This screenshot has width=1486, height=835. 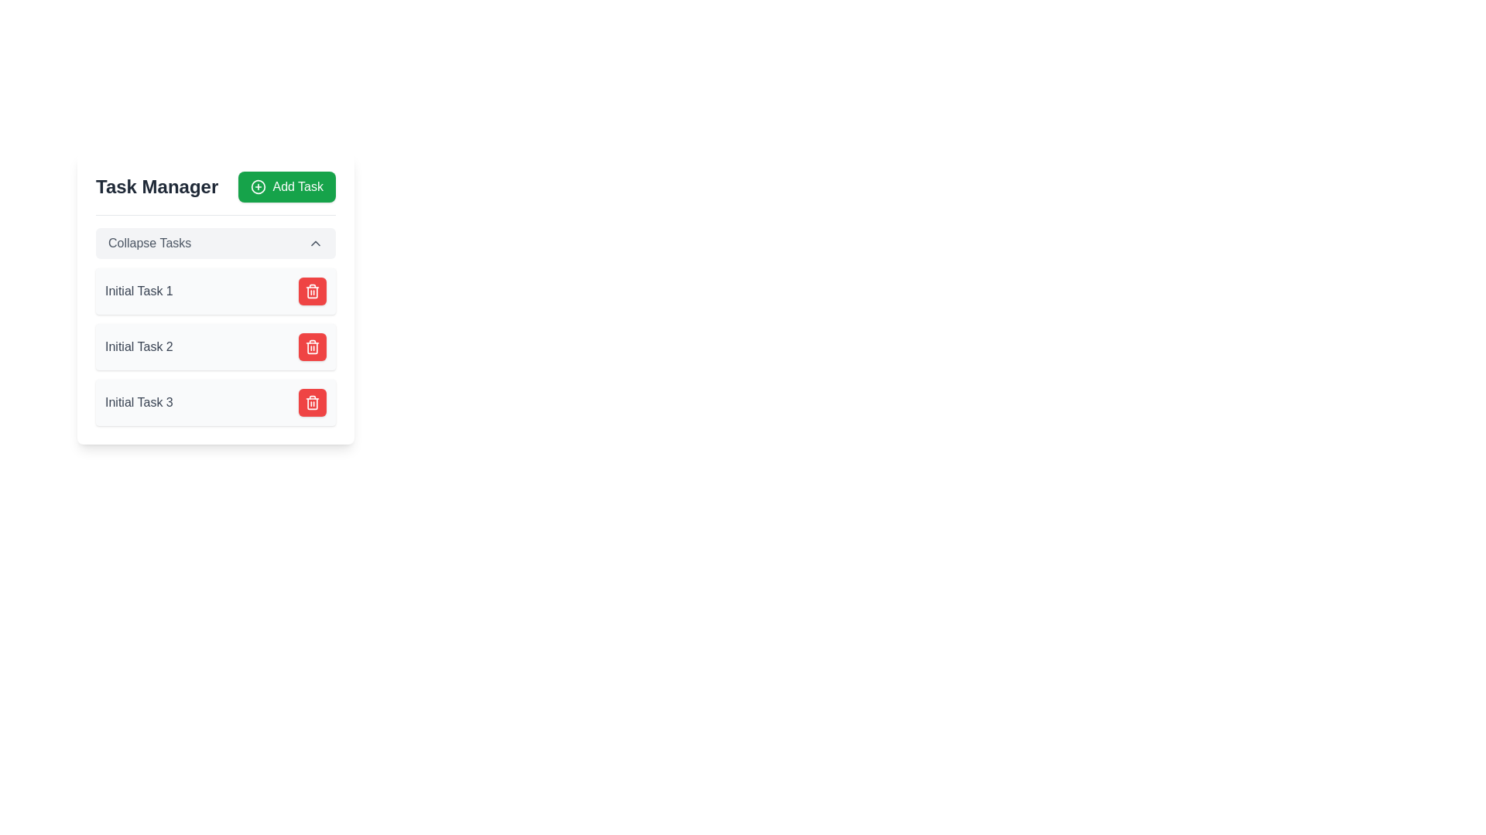 What do you see at coordinates (287, 186) in the screenshot?
I see `the button positioned to the right of the 'Task Manager' text` at bounding box center [287, 186].